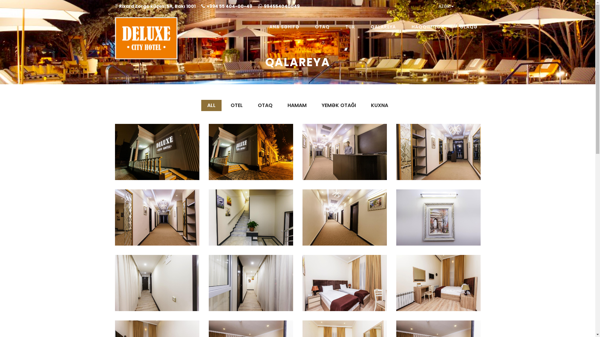 Image resolution: width=600 pixels, height=337 pixels. I want to click on 'TUR', so click(345, 26).